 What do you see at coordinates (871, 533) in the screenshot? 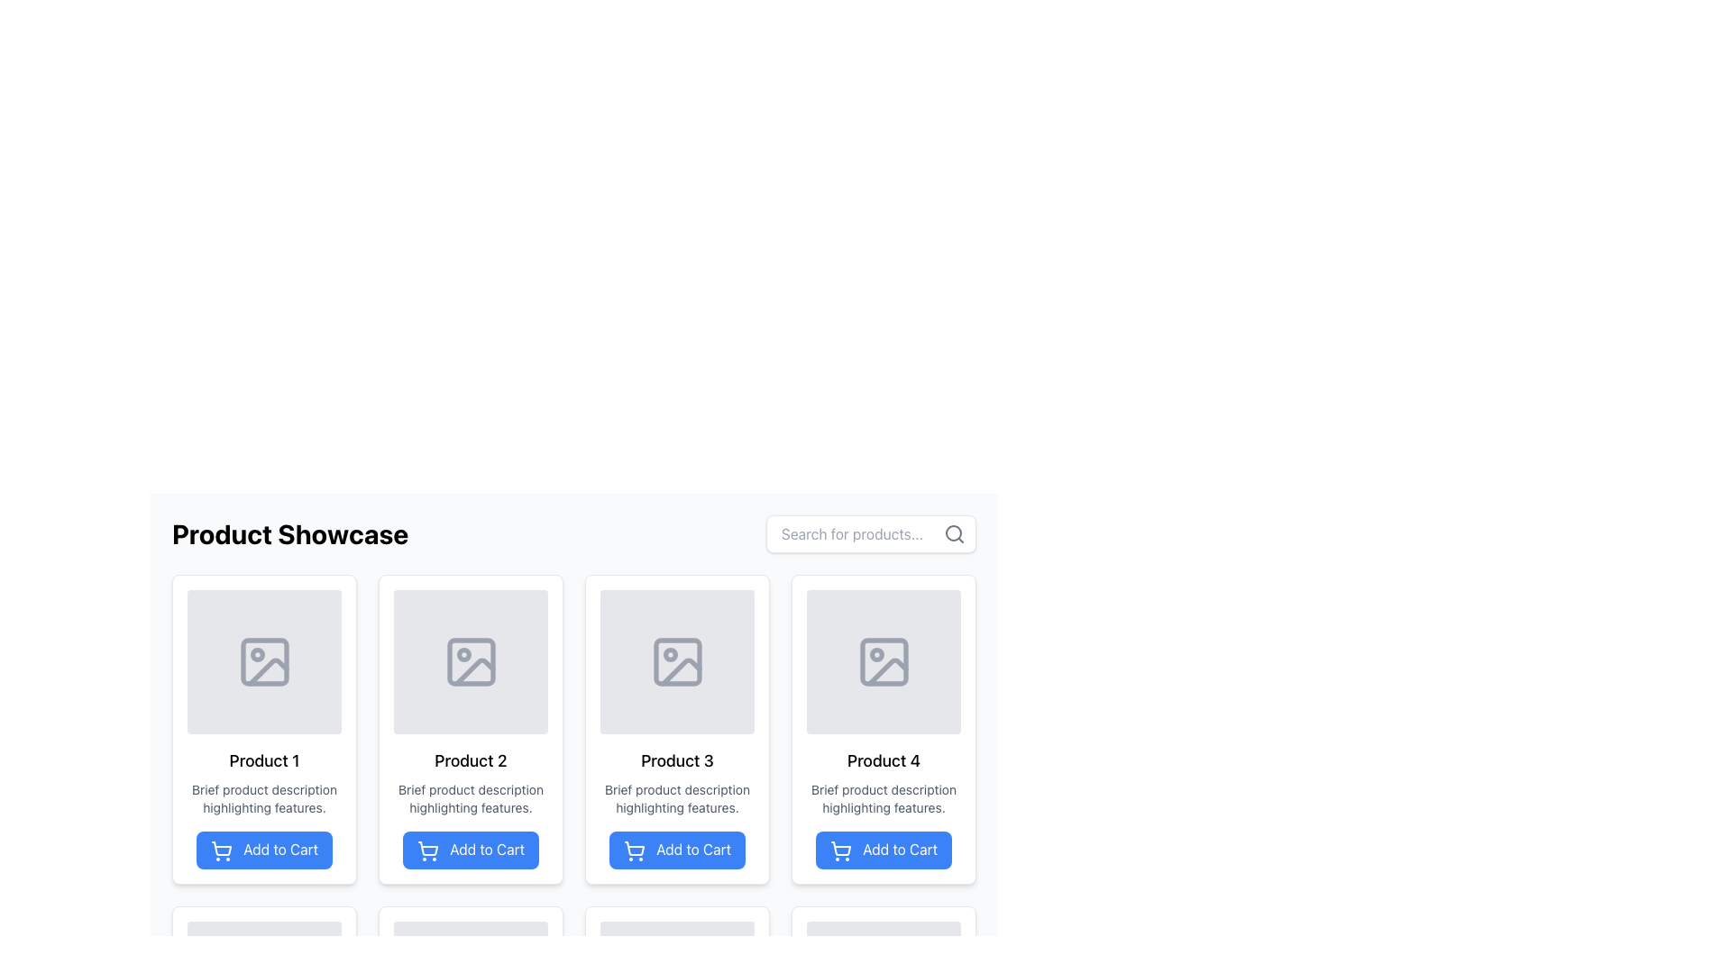
I see `the Text Input Field that has the placeholder 'Search for products...' by clicking on it to clear any typed text` at bounding box center [871, 533].